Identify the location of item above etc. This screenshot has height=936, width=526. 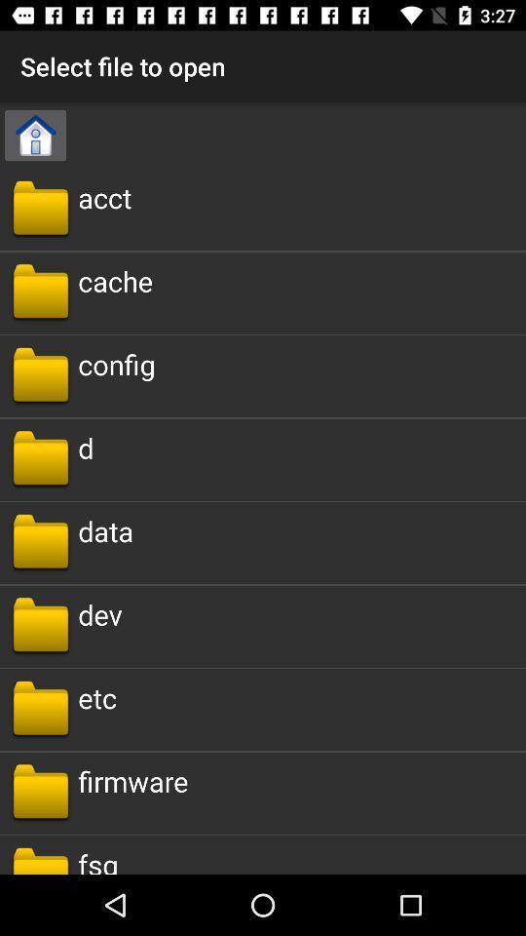
(99, 613).